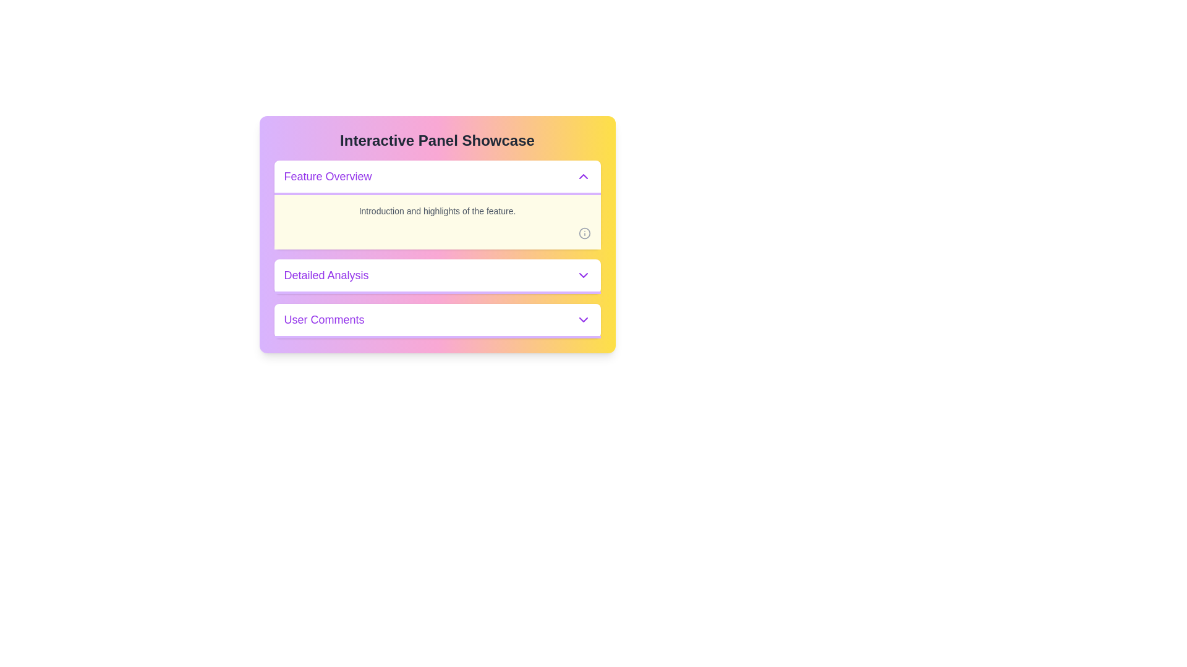 This screenshot has height=667, width=1187. What do you see at coordinates (437, 221) in the screenshot?
I see `the static text block with a light yellow background that contains the text 'Introduction and highlights of the feature', located under the header 'Feature Overview'` at bounding box center [437, 221].